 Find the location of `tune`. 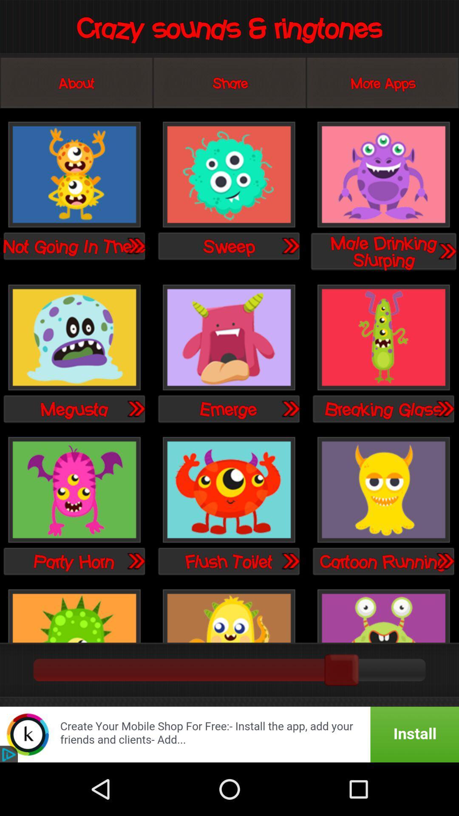

tune is located at coordinates (135, 561).